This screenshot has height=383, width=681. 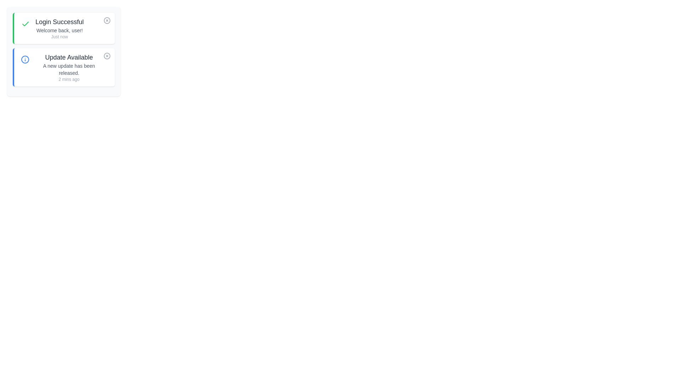 What do you see at coordinates (25, 59) in the screenshot?
I see `the icon in the top-left corner of the 'Update Available' notification box` at bounding box center [25, 59].